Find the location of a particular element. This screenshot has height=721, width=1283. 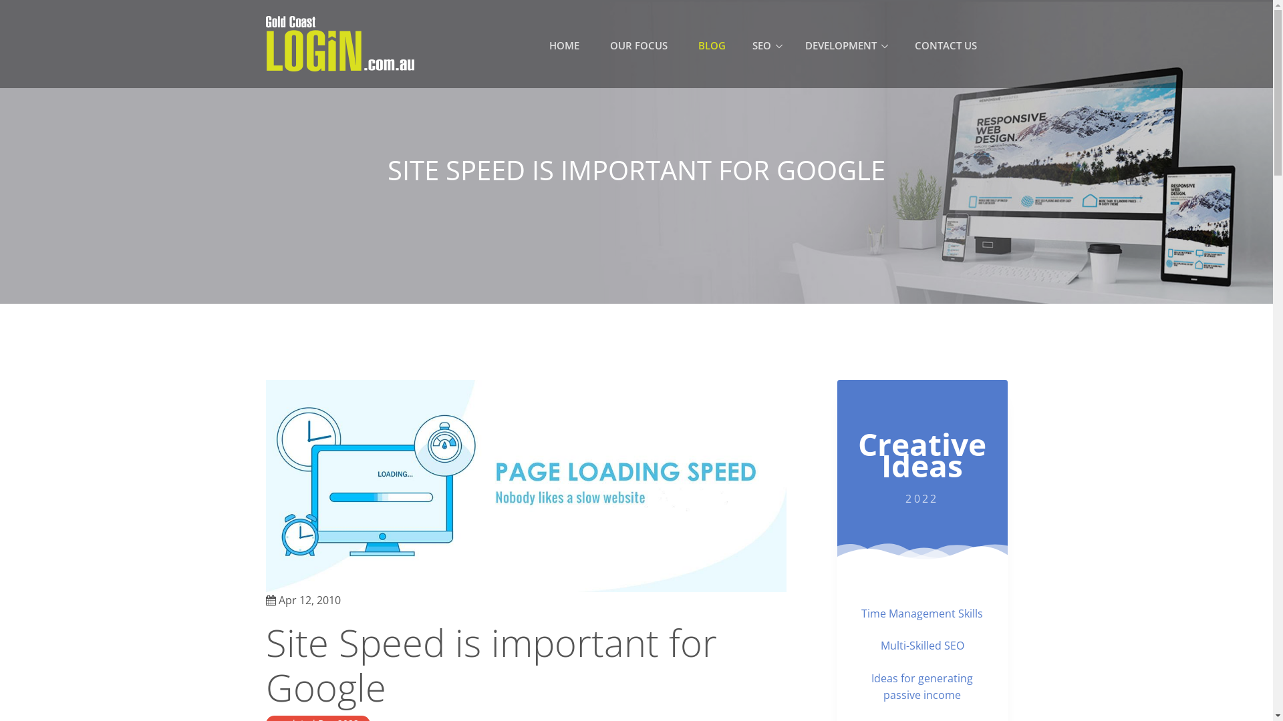

'SEO' is located at coordinates (767, 45).